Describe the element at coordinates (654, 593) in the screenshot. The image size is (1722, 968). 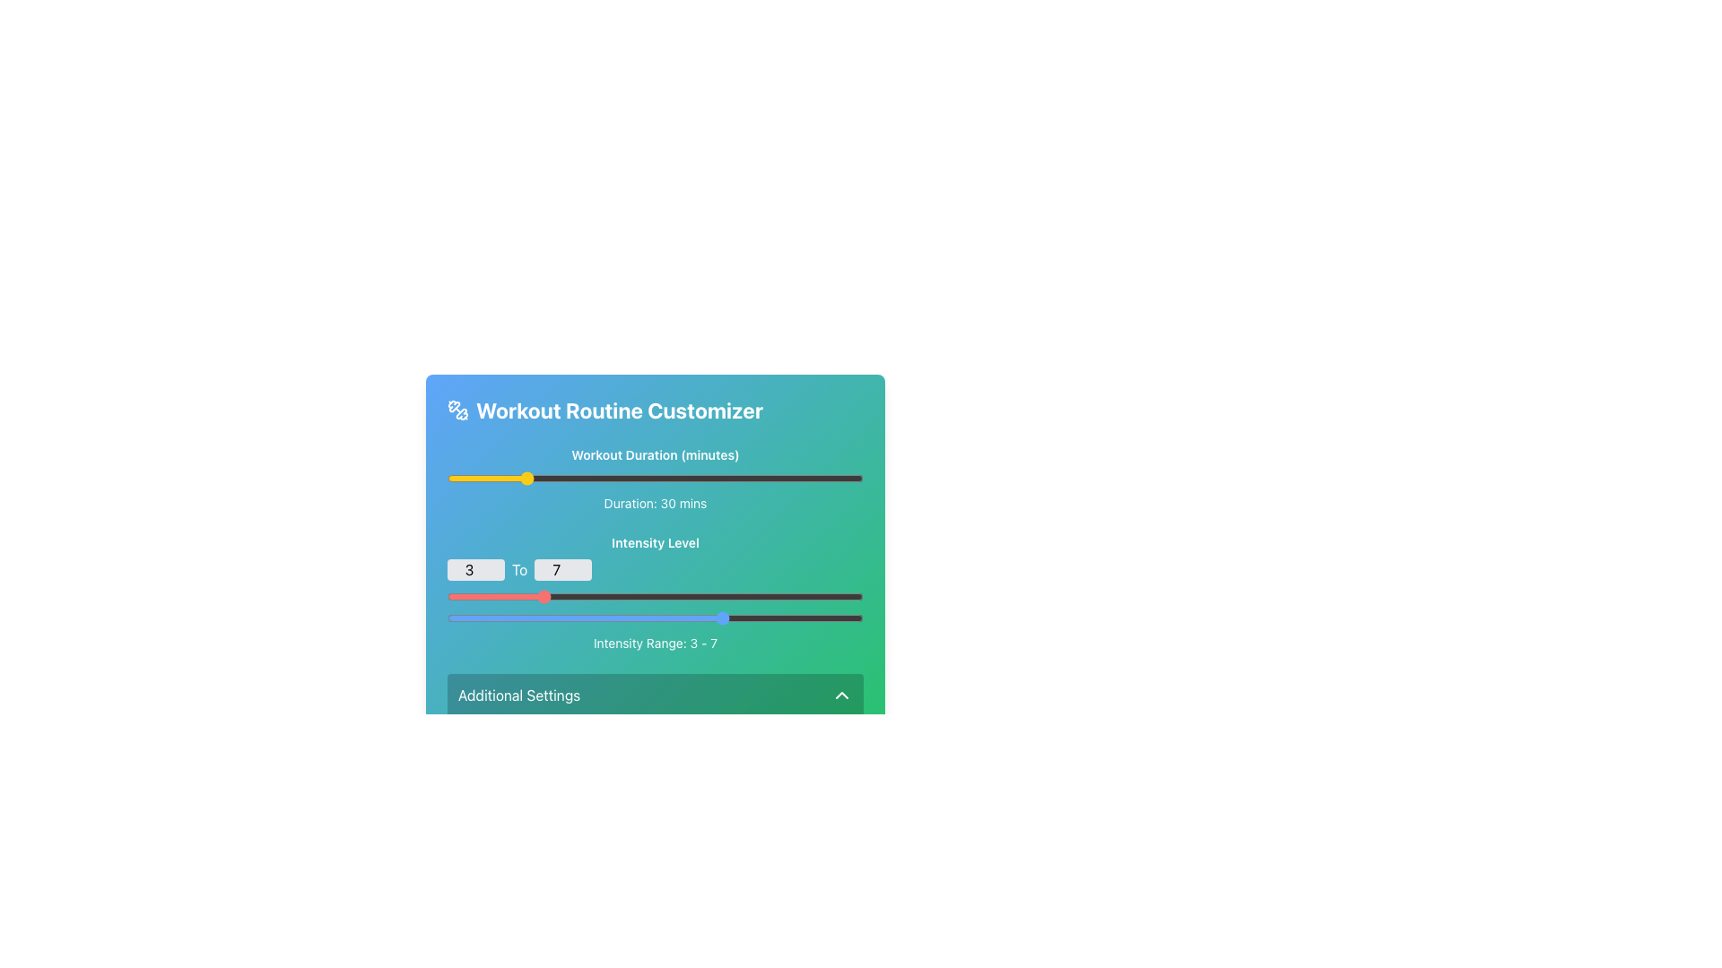
I see `the sliders in the 'Intensity Level' section` at that location.